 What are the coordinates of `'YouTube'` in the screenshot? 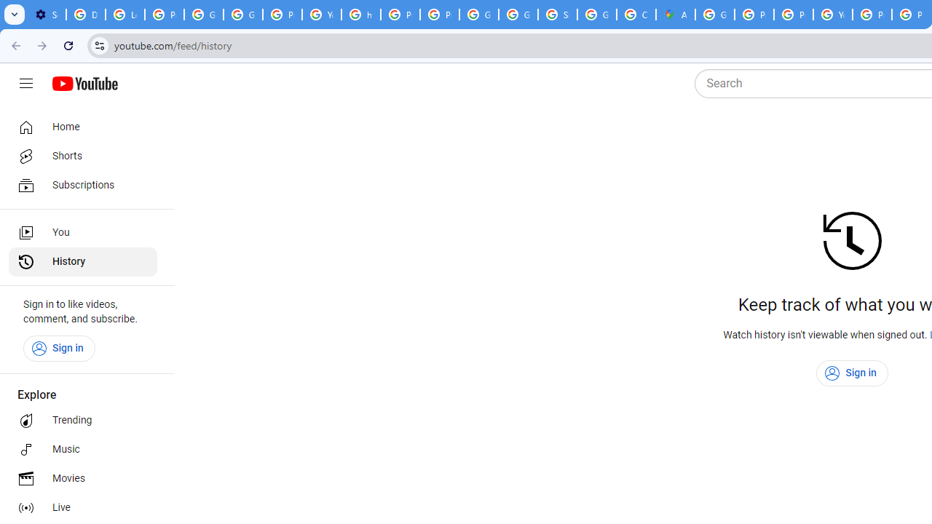 It's located at (833, 15).